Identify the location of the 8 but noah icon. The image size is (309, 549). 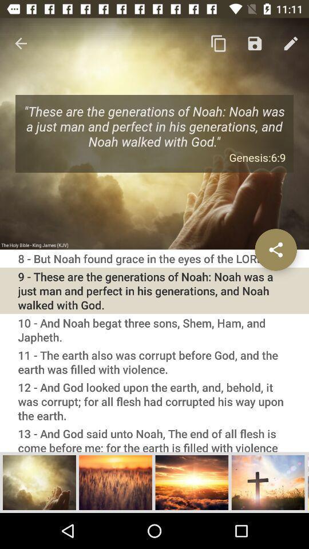
(154, 258).